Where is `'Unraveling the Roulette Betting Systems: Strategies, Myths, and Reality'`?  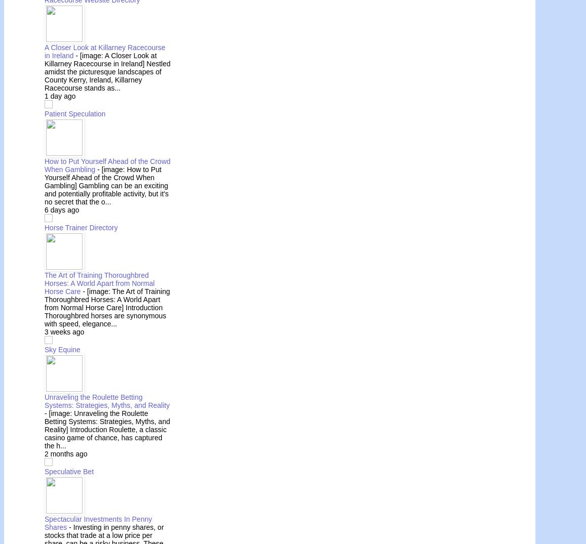
'Unraveling the Roulette Betting Systems: Strategies, Myths, and Reality' is located at coordinates (45, 400).